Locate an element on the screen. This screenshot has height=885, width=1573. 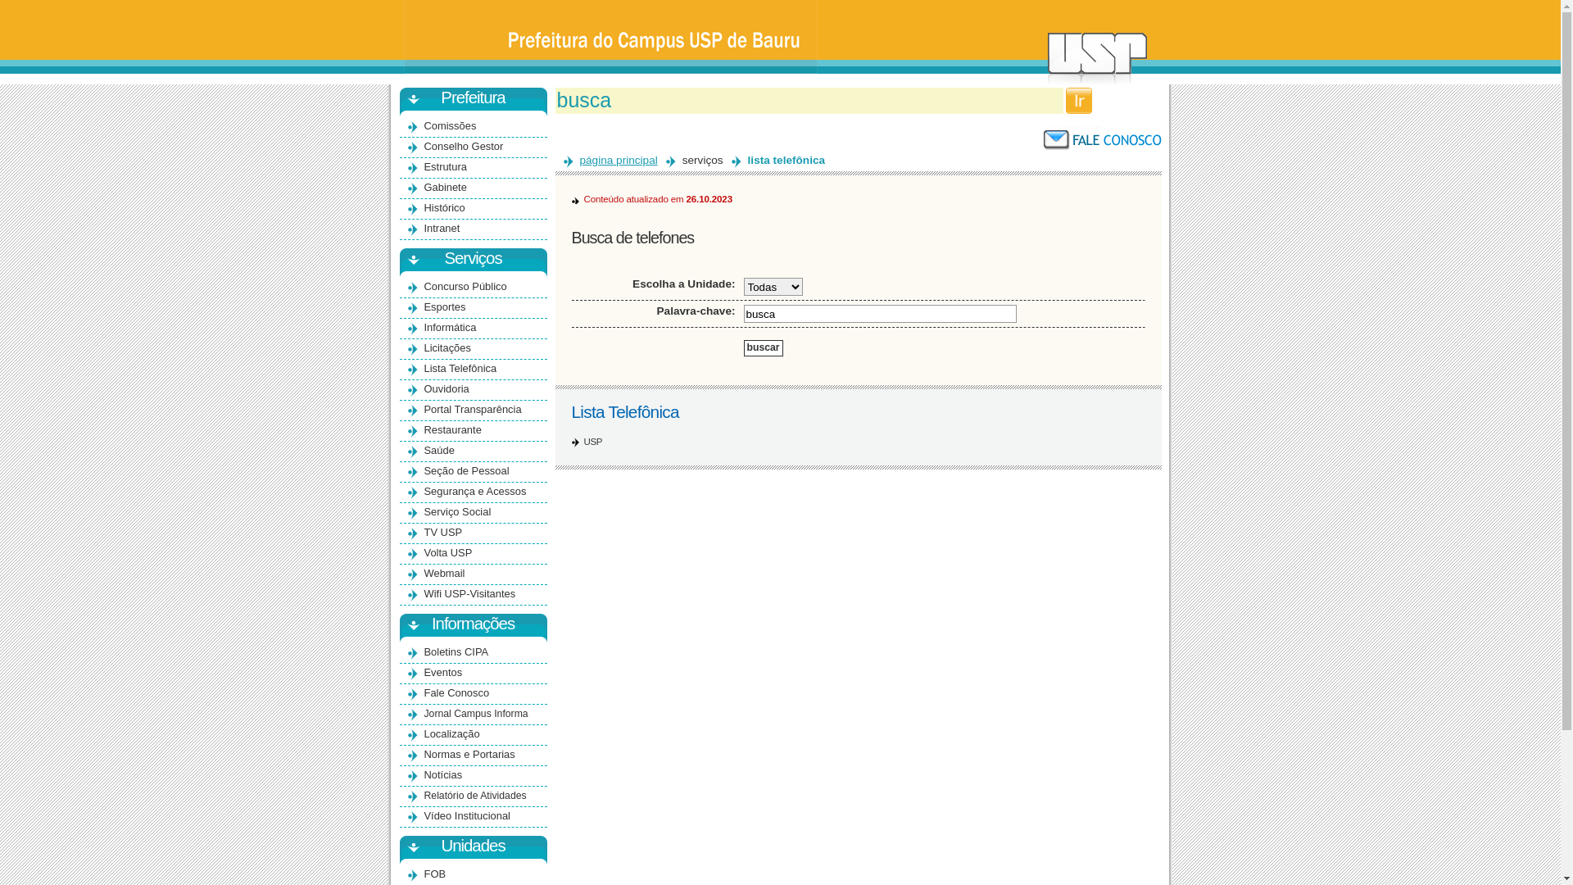
'Webmail' is located at coordinates (444, 572).